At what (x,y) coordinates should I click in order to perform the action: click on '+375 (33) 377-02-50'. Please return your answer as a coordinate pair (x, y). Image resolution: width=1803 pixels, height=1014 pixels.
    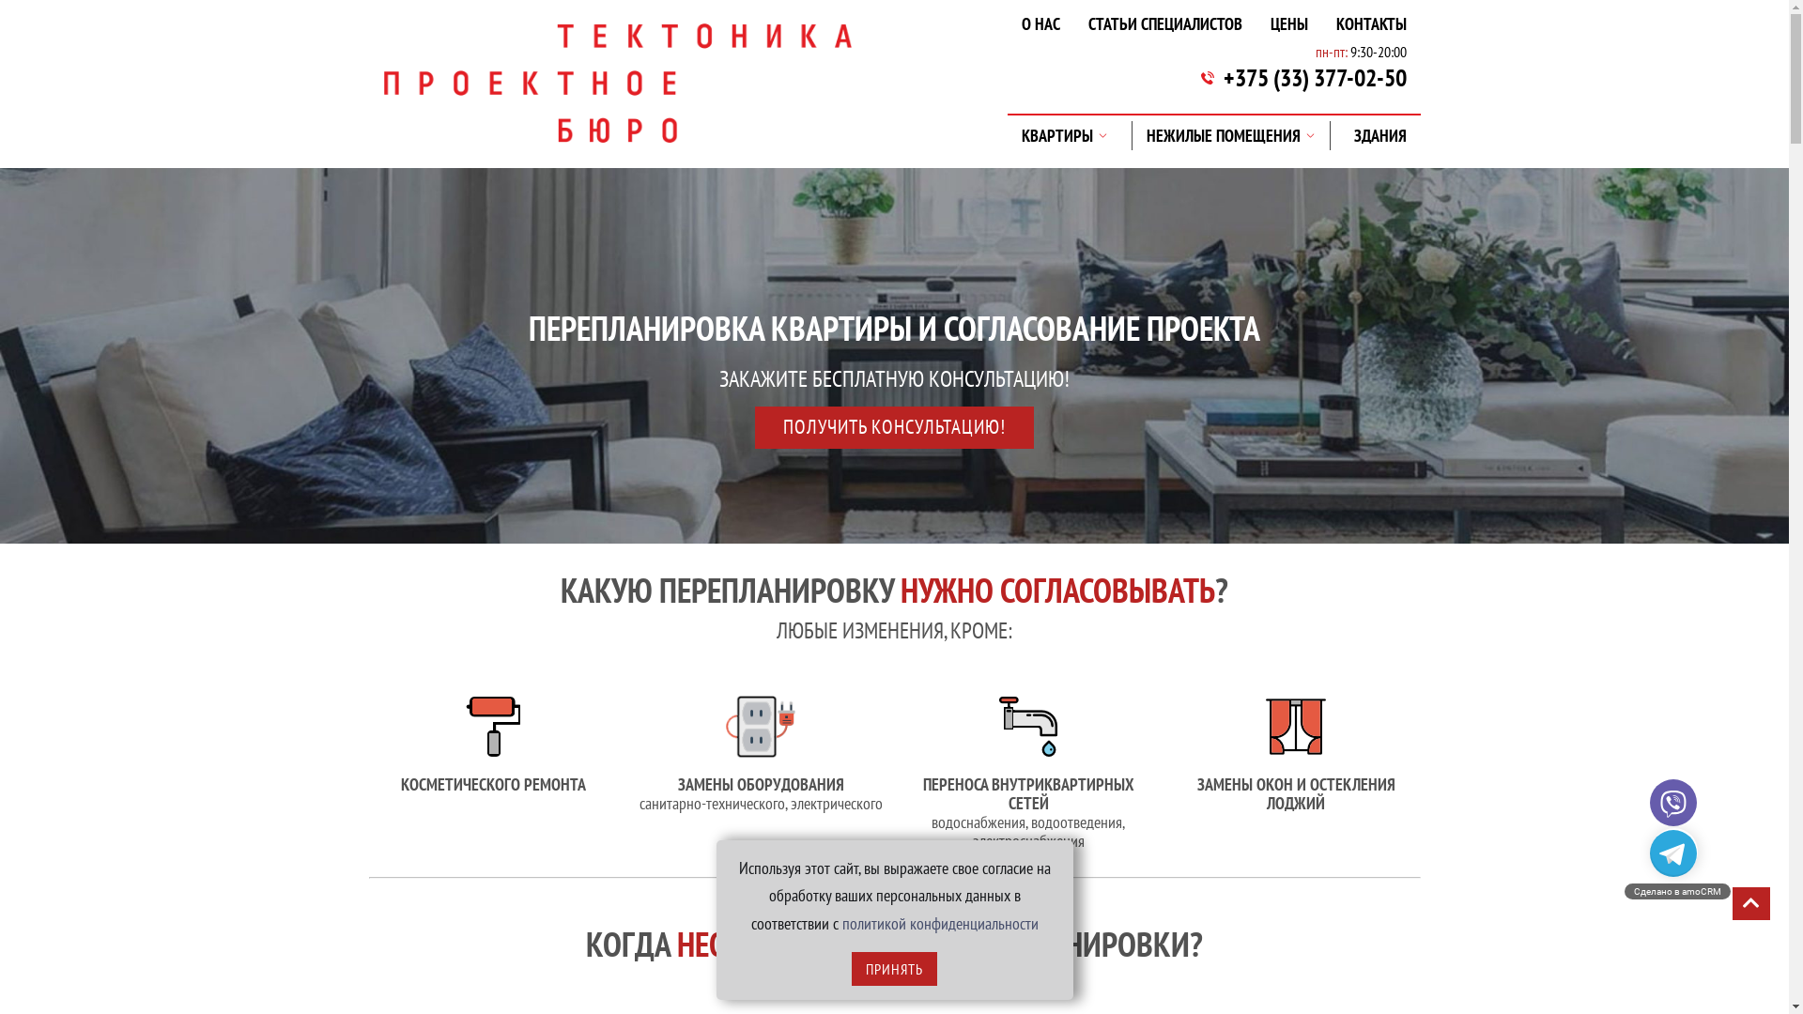
    Looking at the image, I should click on (1222, 77).